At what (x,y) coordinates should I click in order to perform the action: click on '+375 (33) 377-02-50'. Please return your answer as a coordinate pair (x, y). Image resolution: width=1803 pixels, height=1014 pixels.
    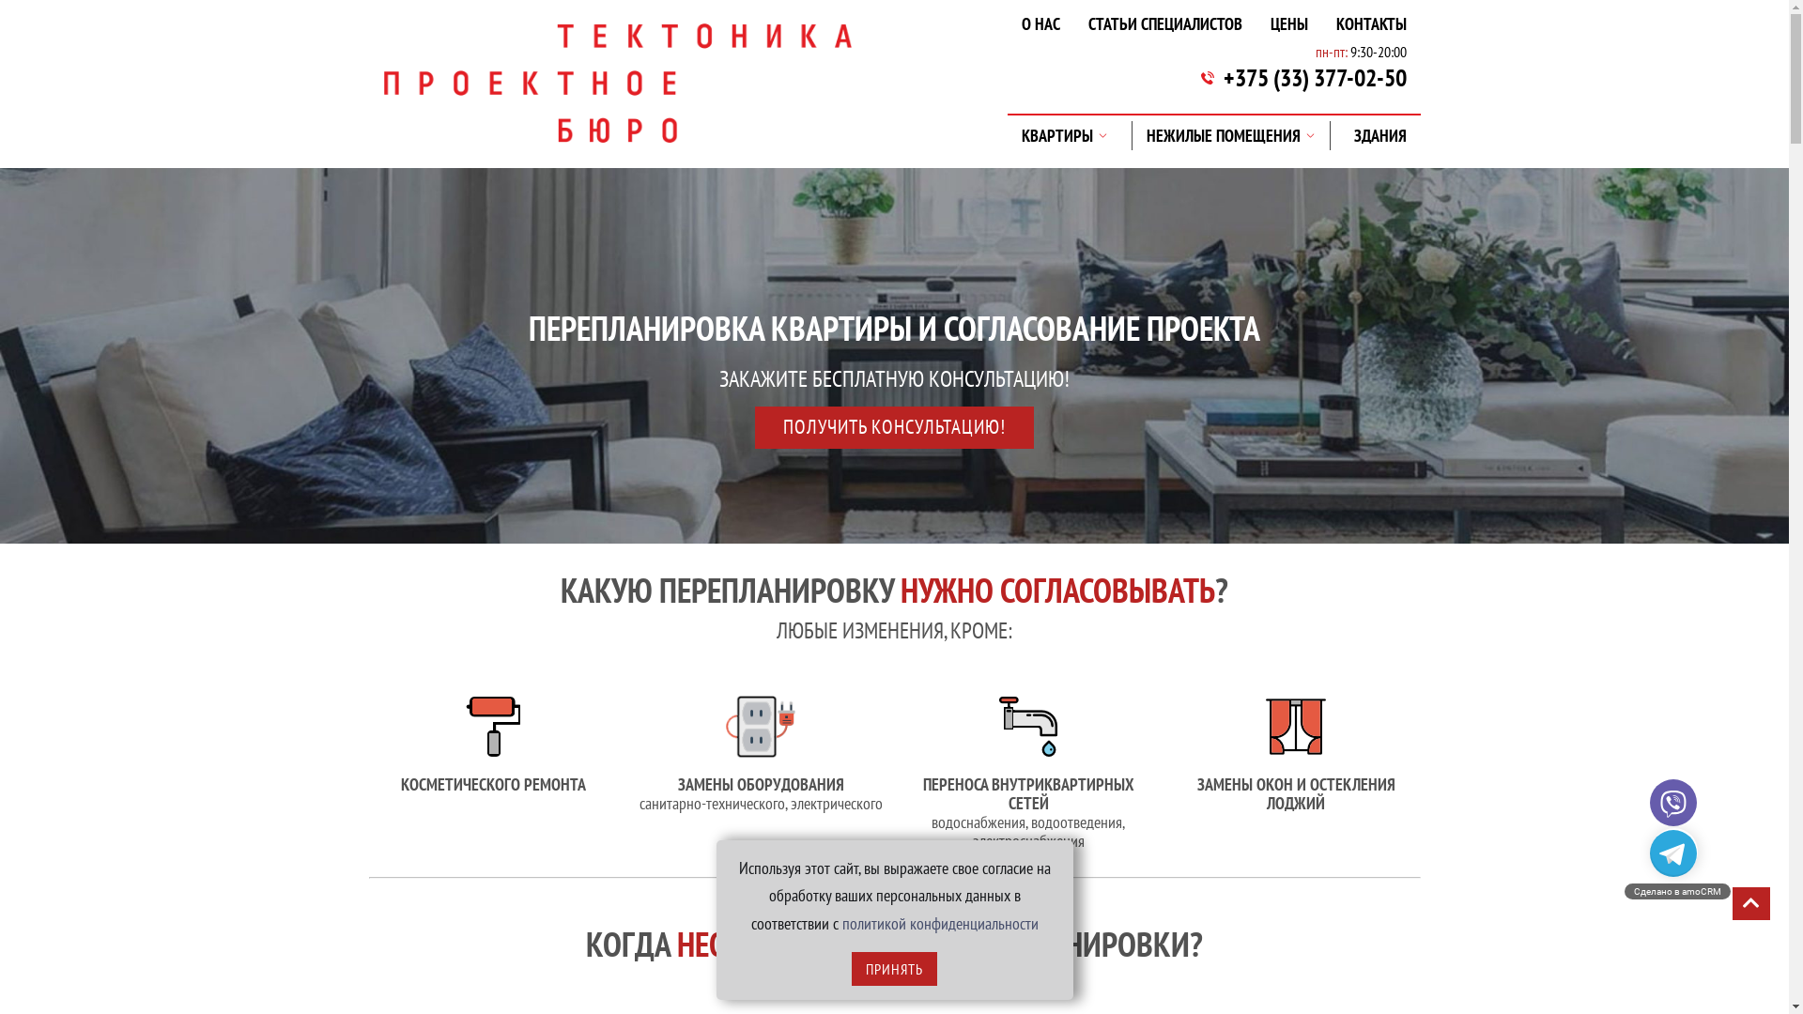
    Looking at the image, I should click on (1222, 77).